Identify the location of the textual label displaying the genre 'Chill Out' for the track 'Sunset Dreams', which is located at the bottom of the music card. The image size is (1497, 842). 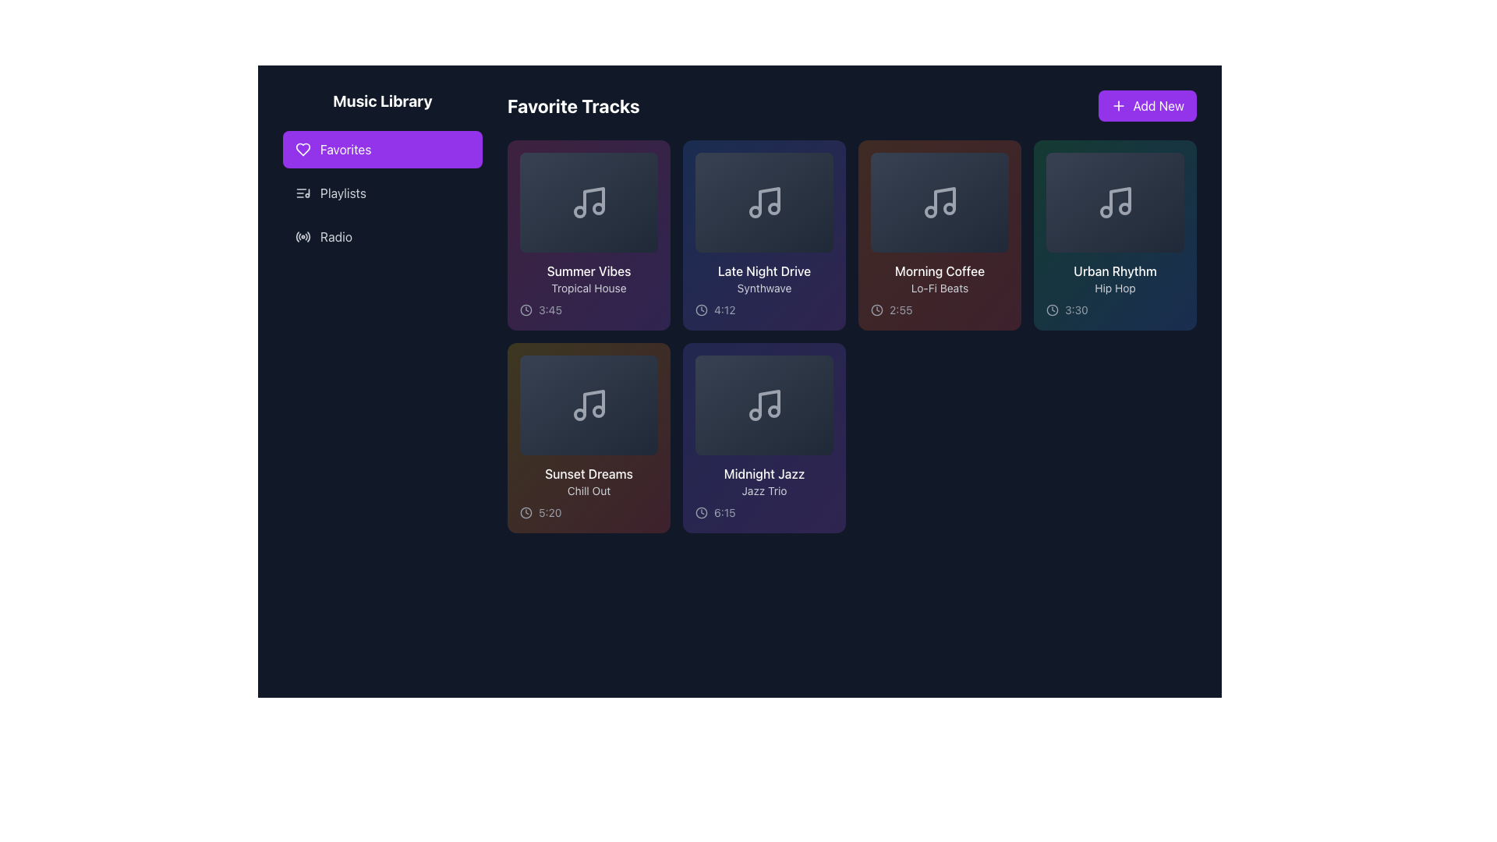
(588, 490).